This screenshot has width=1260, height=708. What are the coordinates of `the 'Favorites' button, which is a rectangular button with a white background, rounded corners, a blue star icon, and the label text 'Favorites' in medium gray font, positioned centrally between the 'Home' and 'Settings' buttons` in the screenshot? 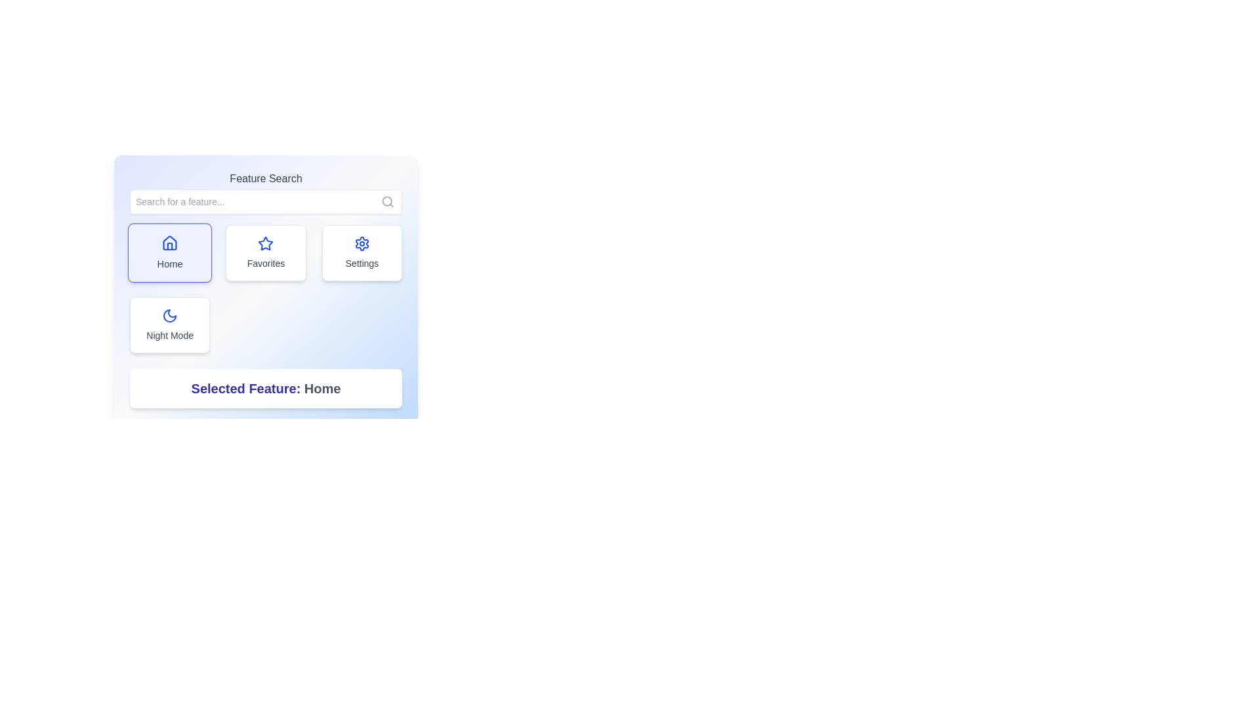 It's located at (265, 252).